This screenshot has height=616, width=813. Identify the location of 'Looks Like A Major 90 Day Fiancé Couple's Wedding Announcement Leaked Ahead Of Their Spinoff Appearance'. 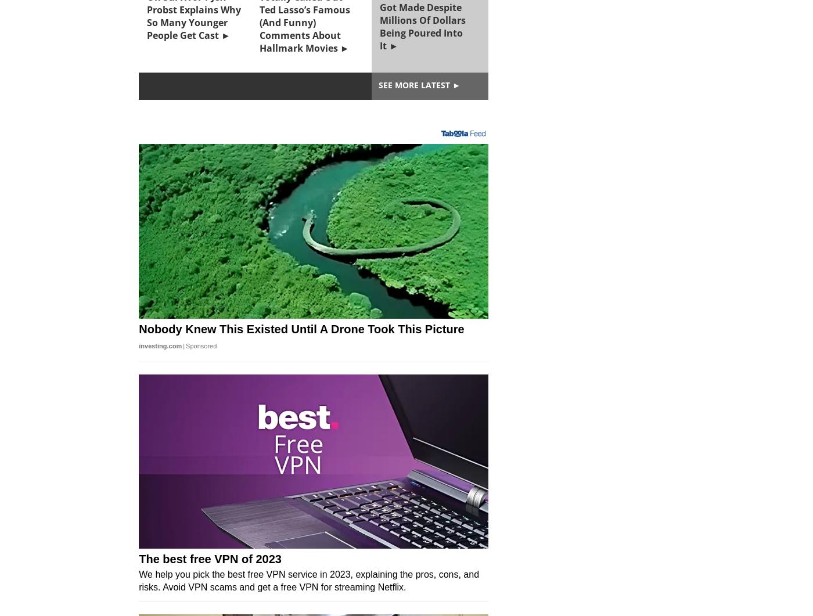
(307, 340).